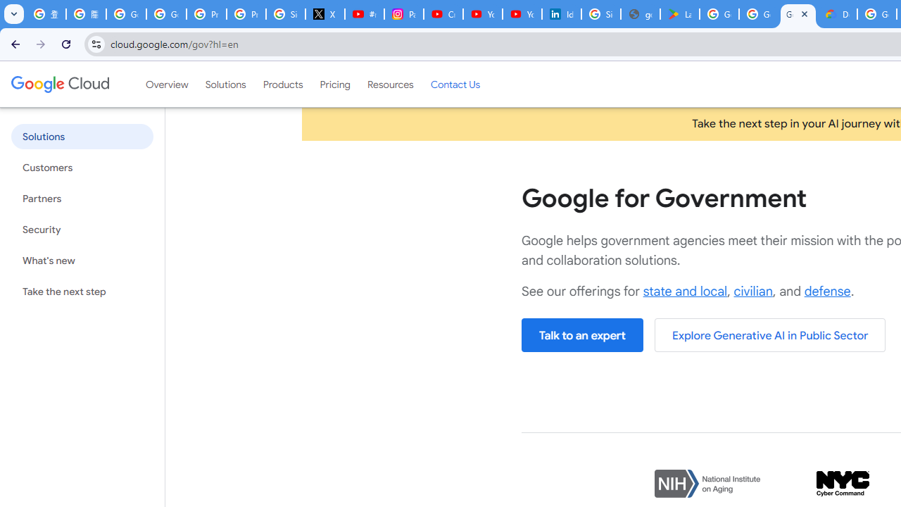 The image size is (901, 507). I want to click on '#nbabasketballhighlights - YouTube', so click(365, 14).